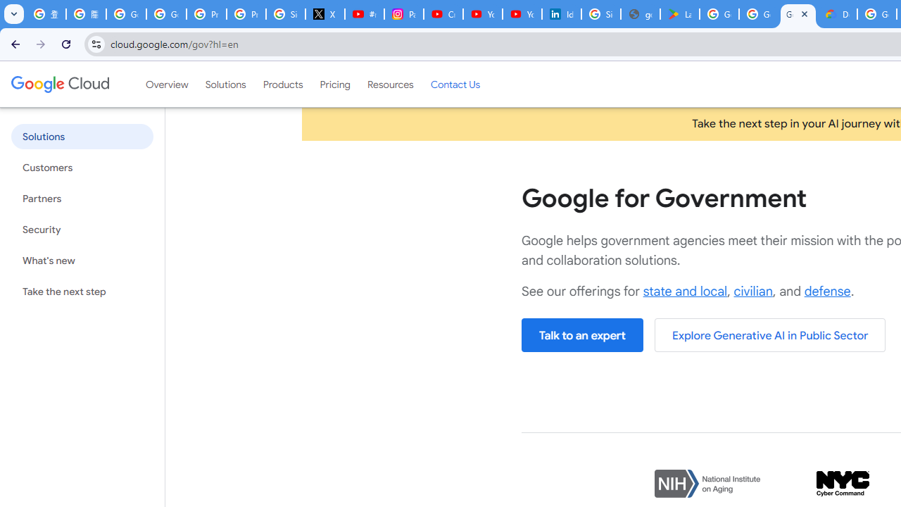 The image size is (901, 507). I want to click on '#nbabasketballhighlights - YouTube', so click(365, 14).